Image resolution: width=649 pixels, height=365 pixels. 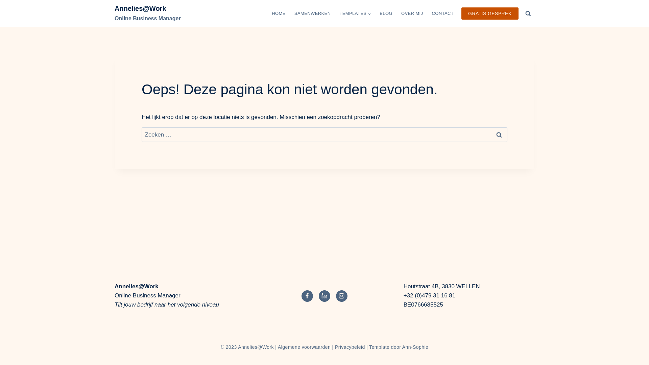 What do you see at coordinates (290, 13) in the screenshot?
I see `'SAMENWERKEN'` at bounding box center [290, 13].